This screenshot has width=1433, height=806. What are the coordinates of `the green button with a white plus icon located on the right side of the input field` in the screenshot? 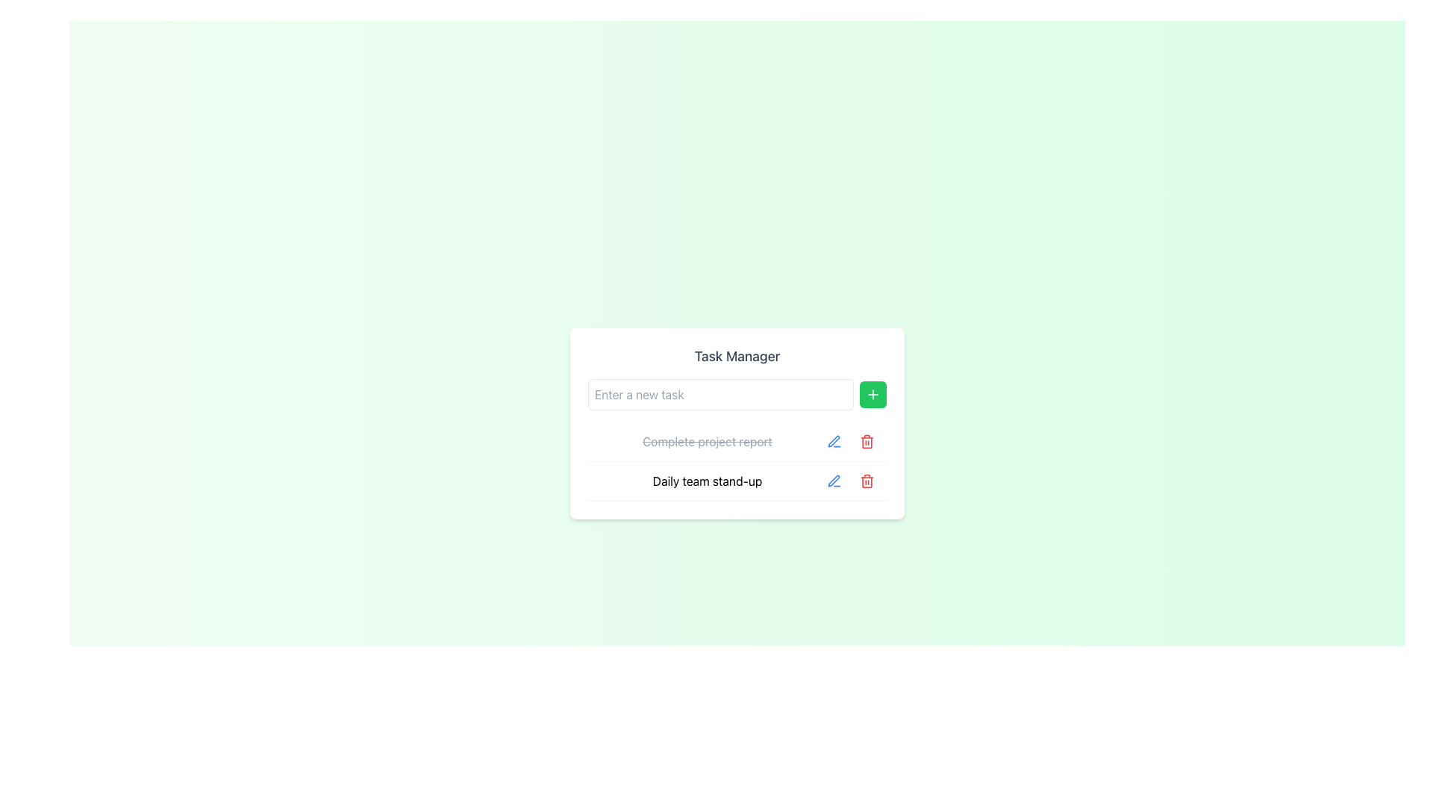 It's located at (873, 393).